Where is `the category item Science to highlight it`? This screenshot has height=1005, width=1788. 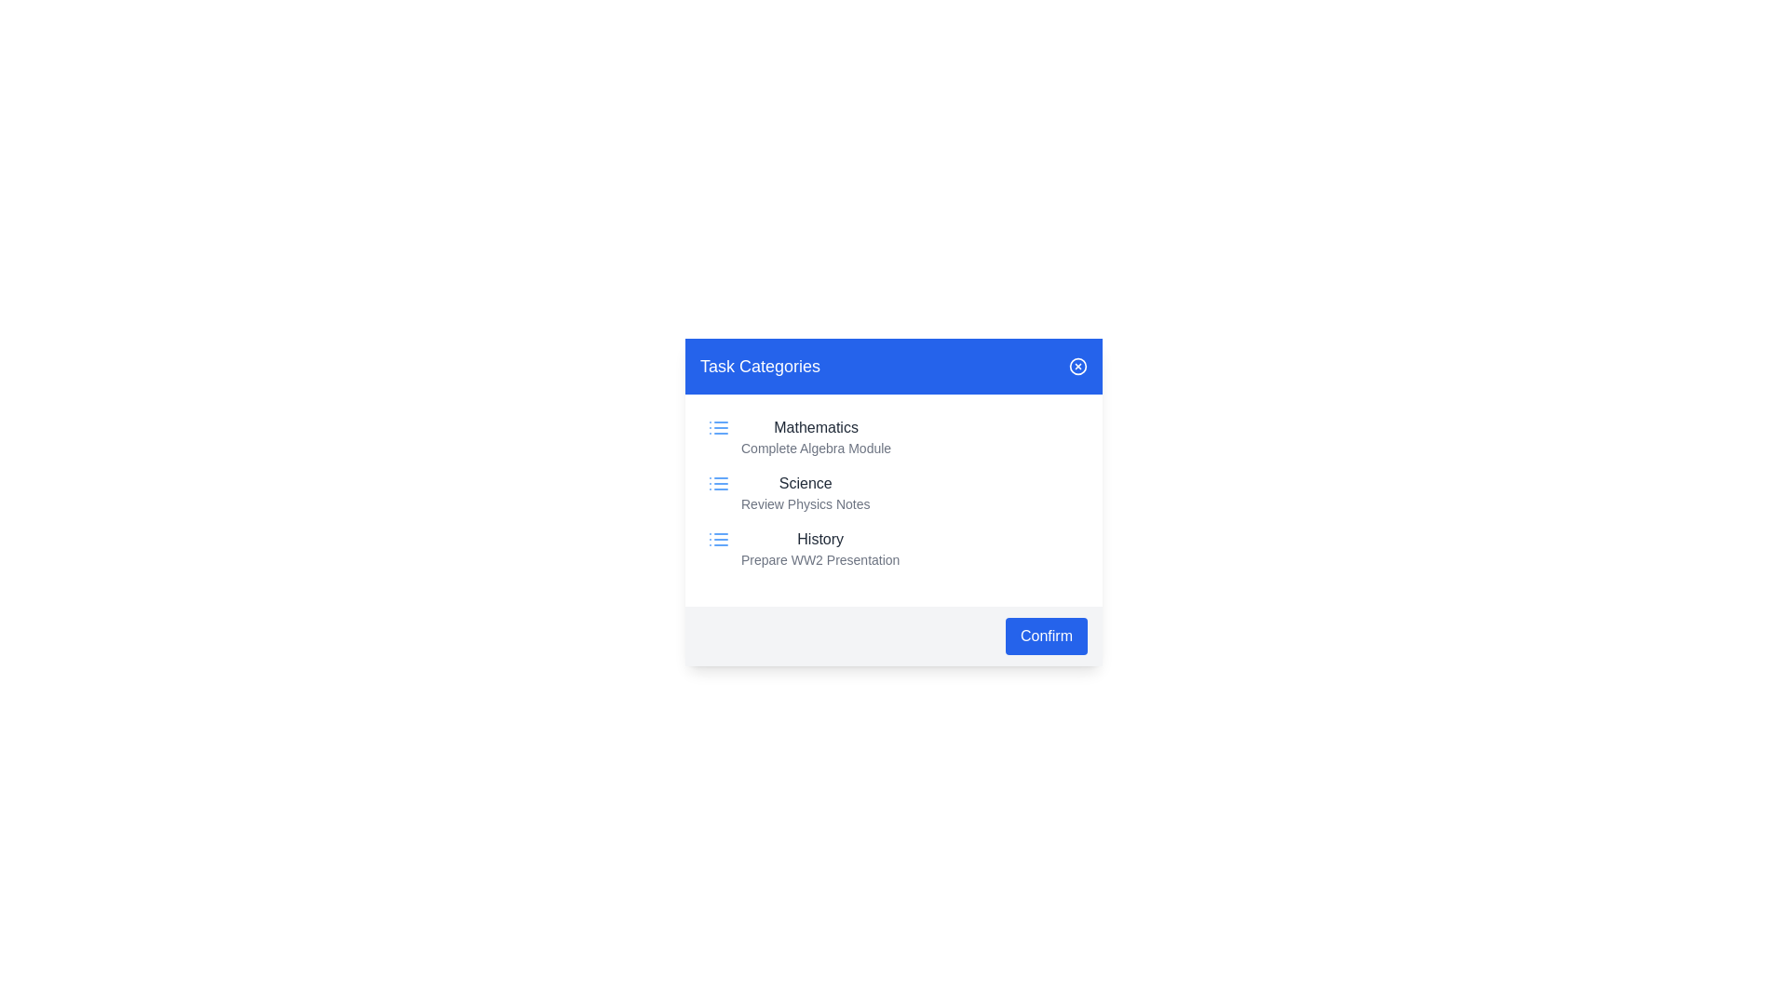
the category item Science to highlight it is located at coordinates (894, 491).